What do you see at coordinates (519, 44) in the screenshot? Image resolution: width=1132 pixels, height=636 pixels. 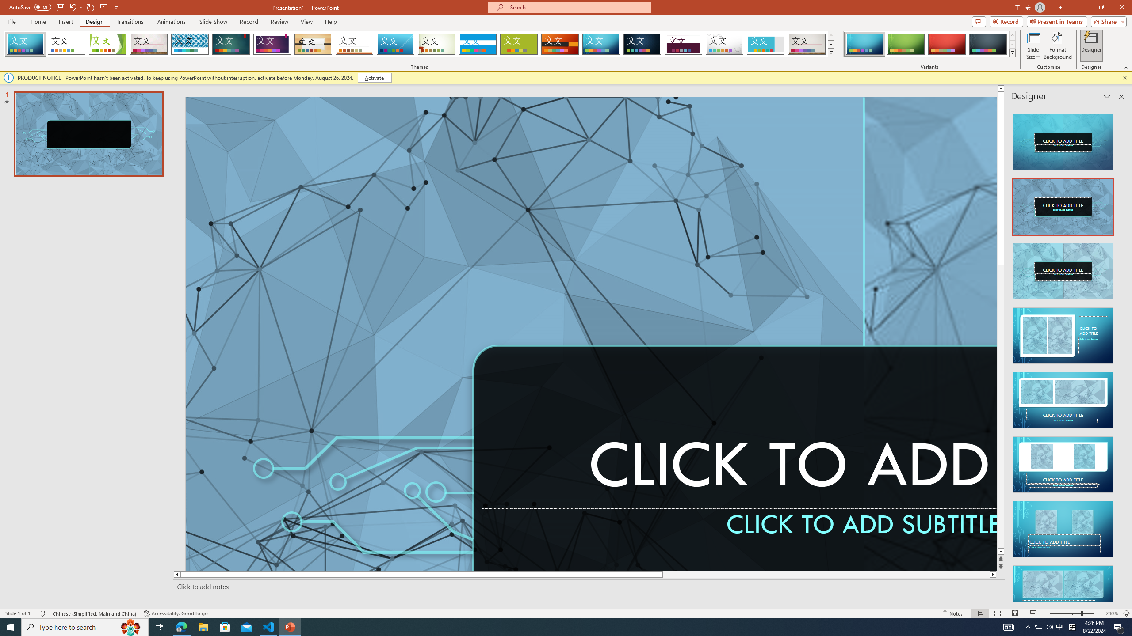 I see `'Basis'` at bounding box center [519, 44].